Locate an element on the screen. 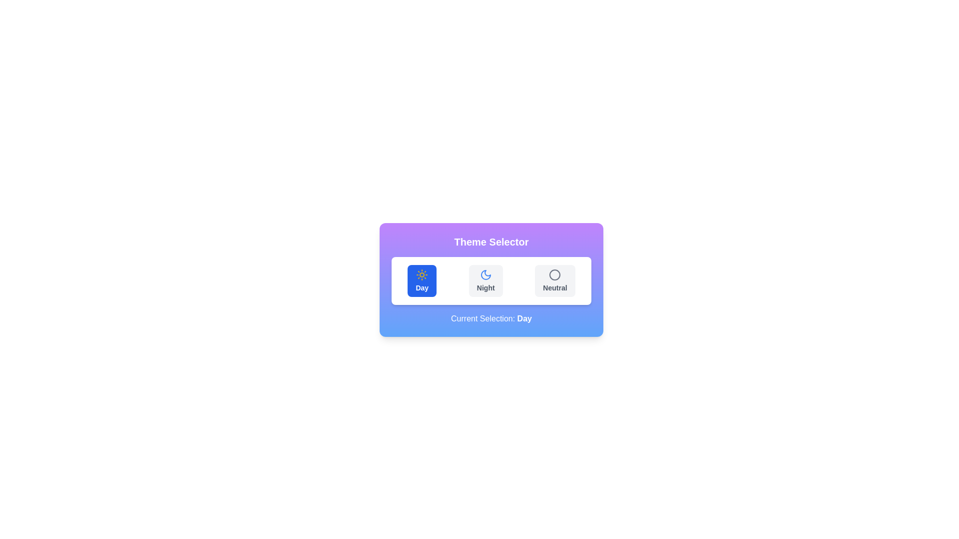  the text label displaying the word 'Night', which is styled with a bold sans-serif font and is located in the middle button of the theme selector UI, below a moon icon is located at coordinates (485, 288).